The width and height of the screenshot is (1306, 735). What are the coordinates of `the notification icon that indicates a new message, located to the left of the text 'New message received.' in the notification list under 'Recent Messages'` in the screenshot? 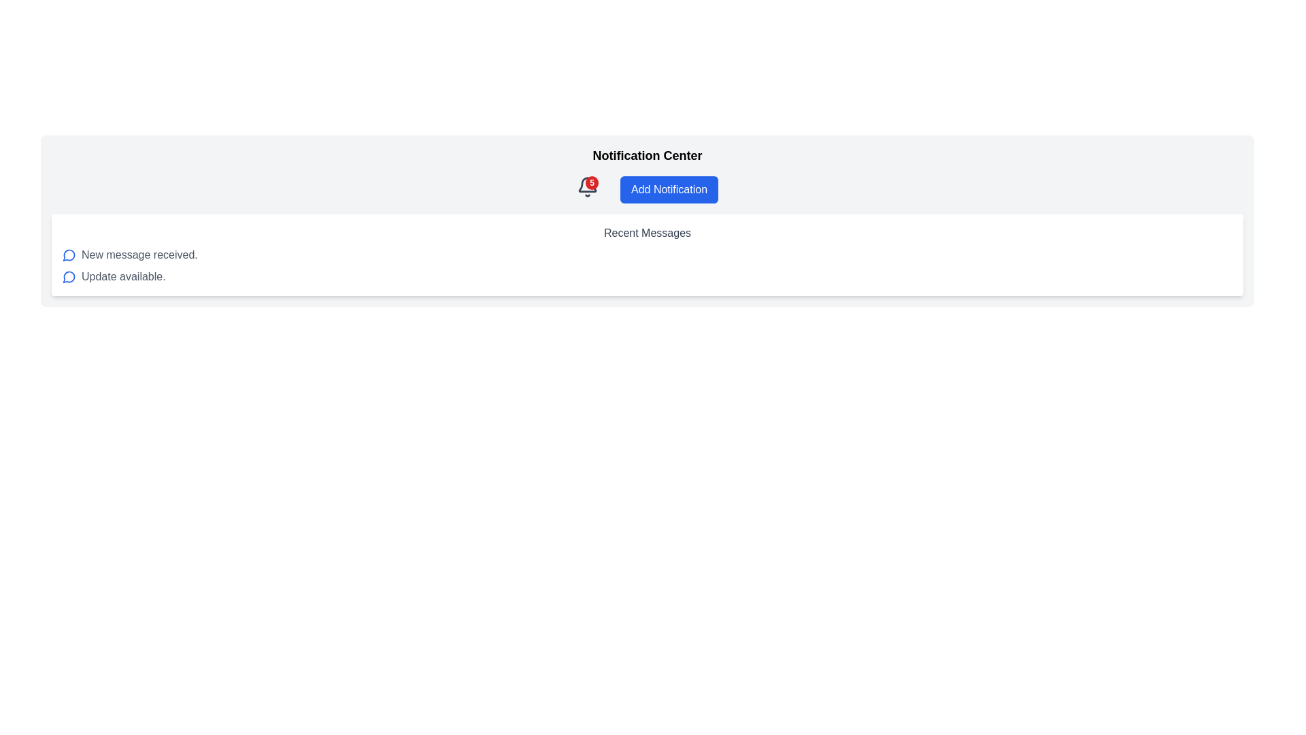 It's located at (68, 255).